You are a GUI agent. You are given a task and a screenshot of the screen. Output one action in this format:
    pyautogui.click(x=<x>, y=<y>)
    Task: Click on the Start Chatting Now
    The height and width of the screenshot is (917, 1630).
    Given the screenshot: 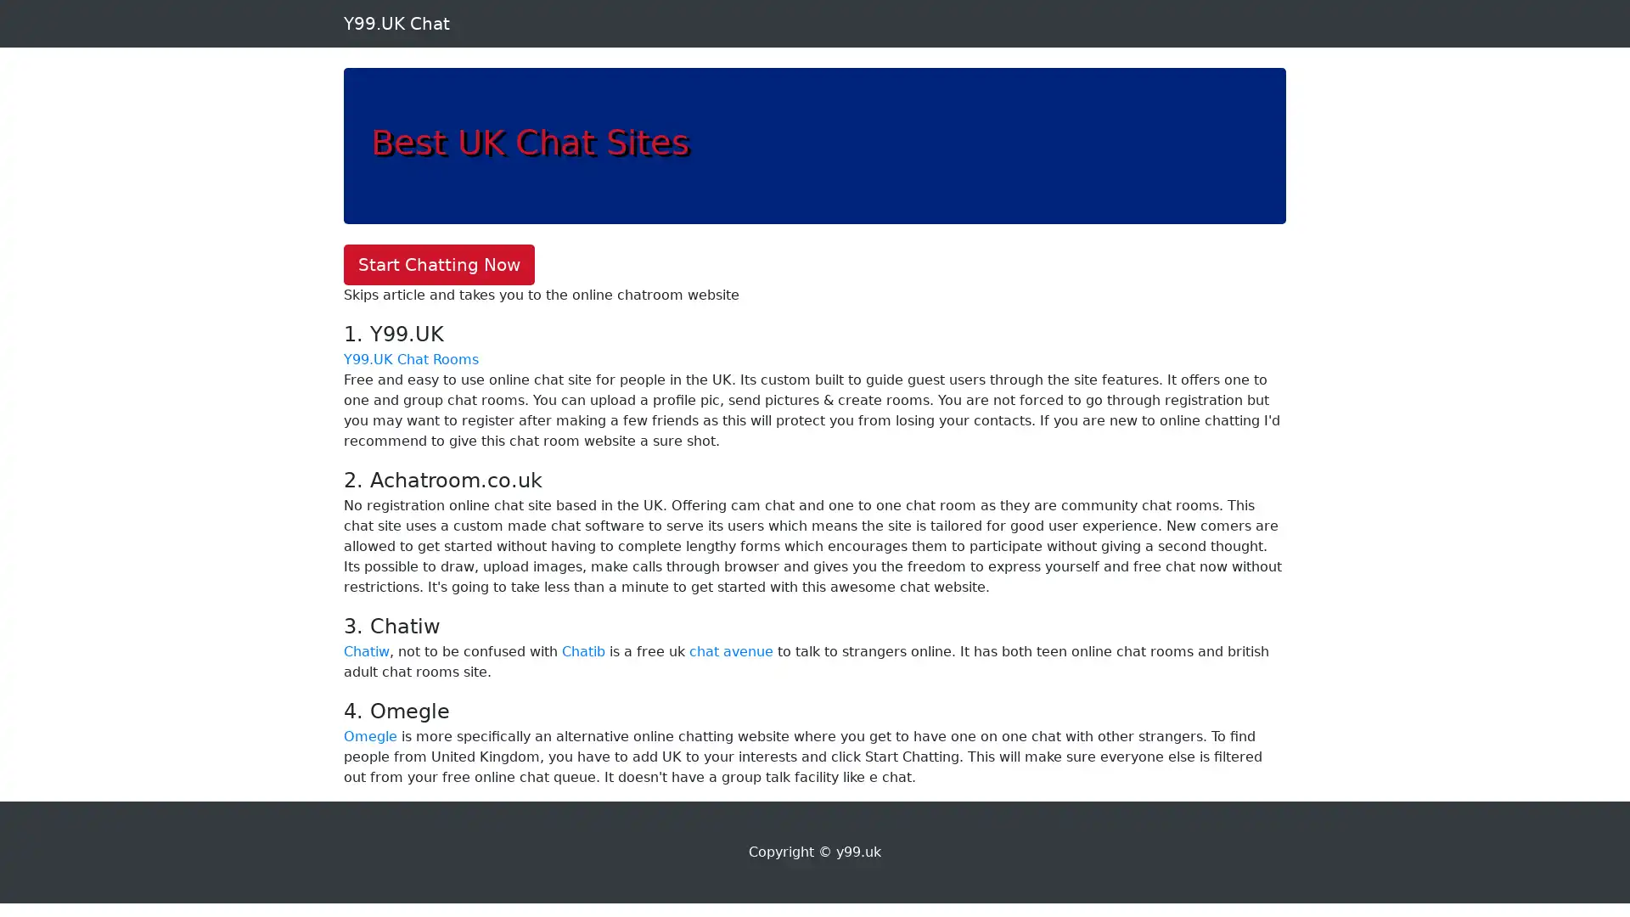 What is the action you would take?
    pyautogui.click(x=439, y=265)
    